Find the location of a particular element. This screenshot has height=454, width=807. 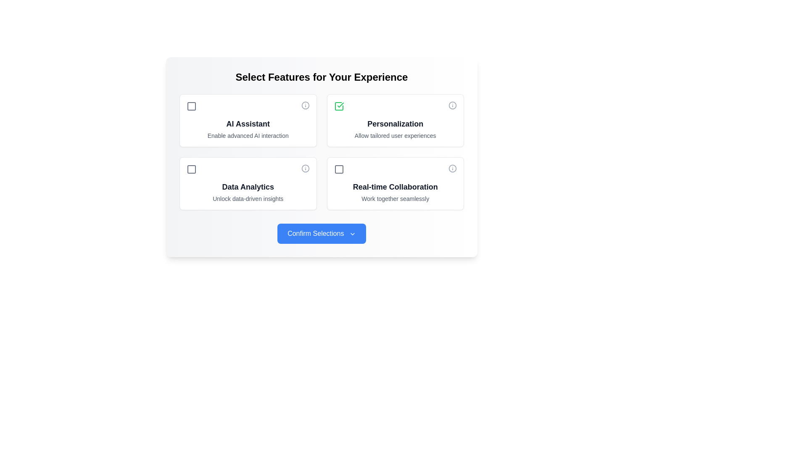

the blue button labeled 'Confirm Selections' with a downward-pointing chevron icon, located at the bottom center of the modal is located at coordinates (321, 233).